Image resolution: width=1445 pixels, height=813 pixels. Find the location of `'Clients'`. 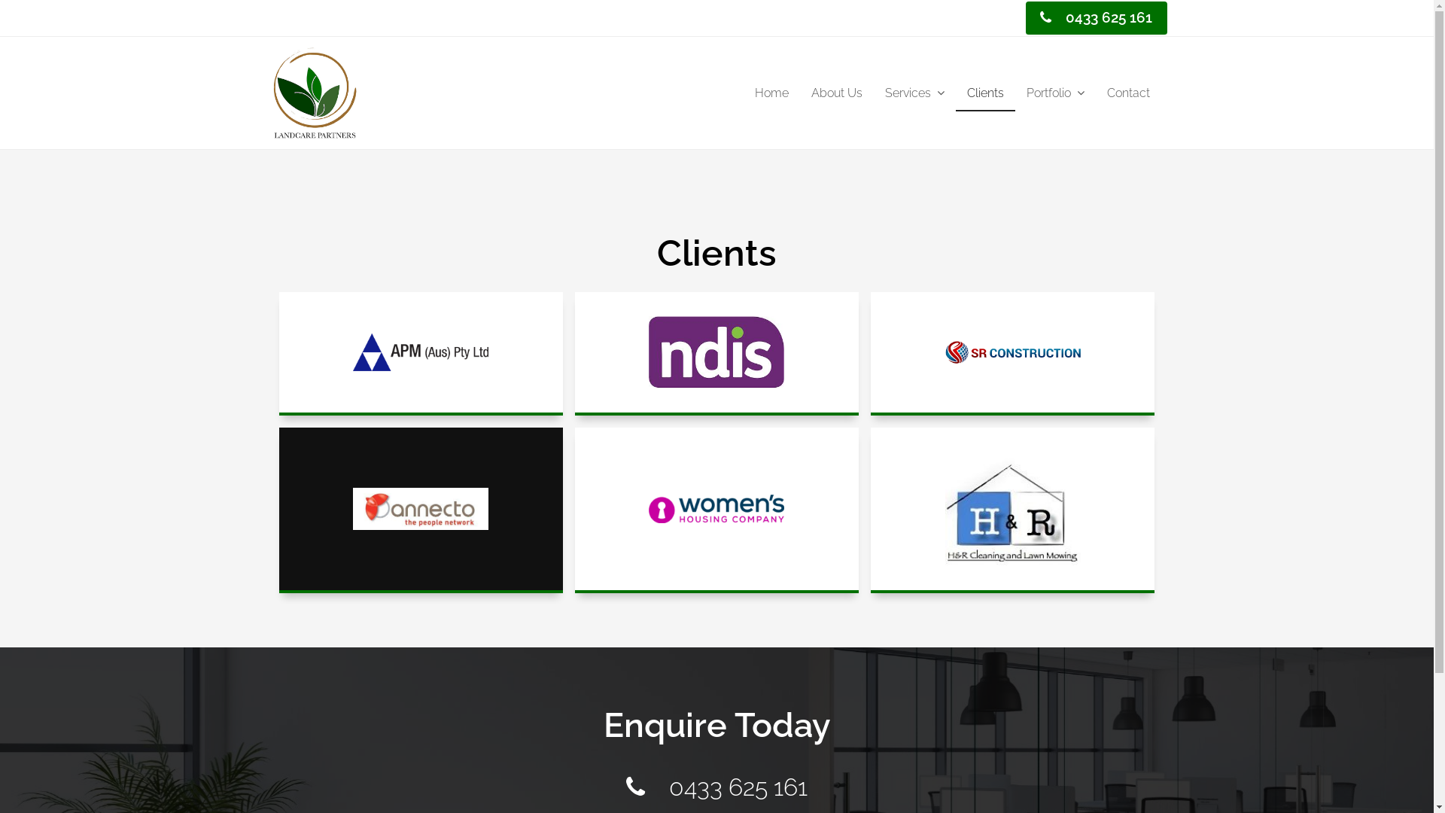

'Clients' is located at coordinates (985, 93).